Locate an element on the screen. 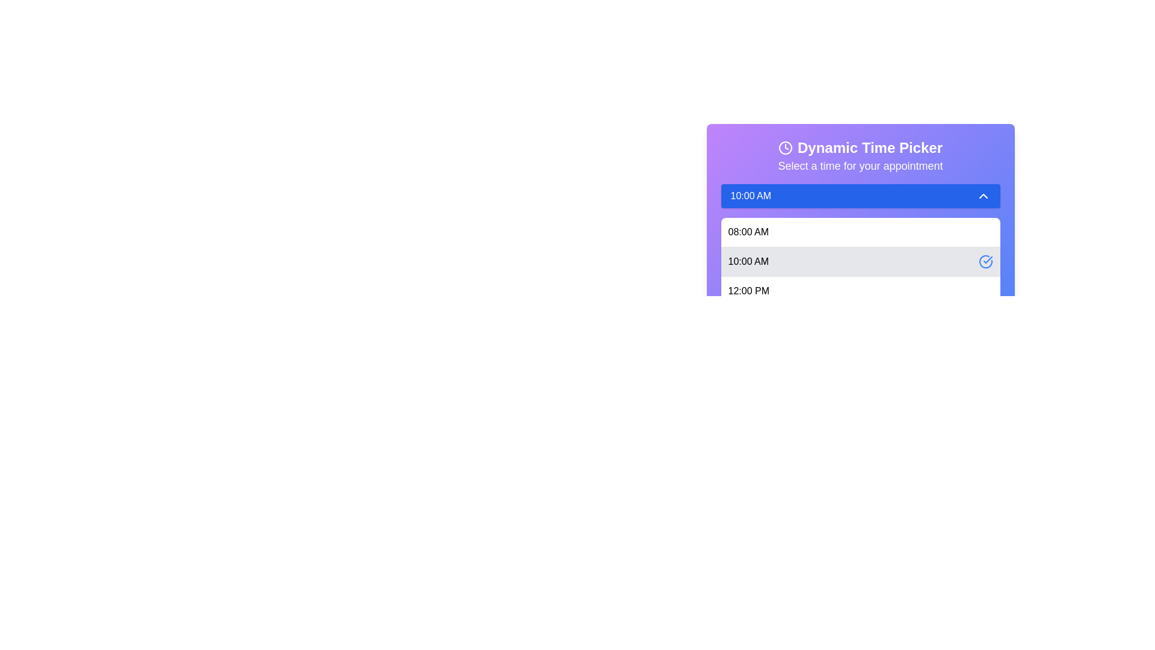  the collapse indicator icon located to the right of '10:00 AM' in the blue button at the top of the dropdown menu is located at coordinates (983, 196).